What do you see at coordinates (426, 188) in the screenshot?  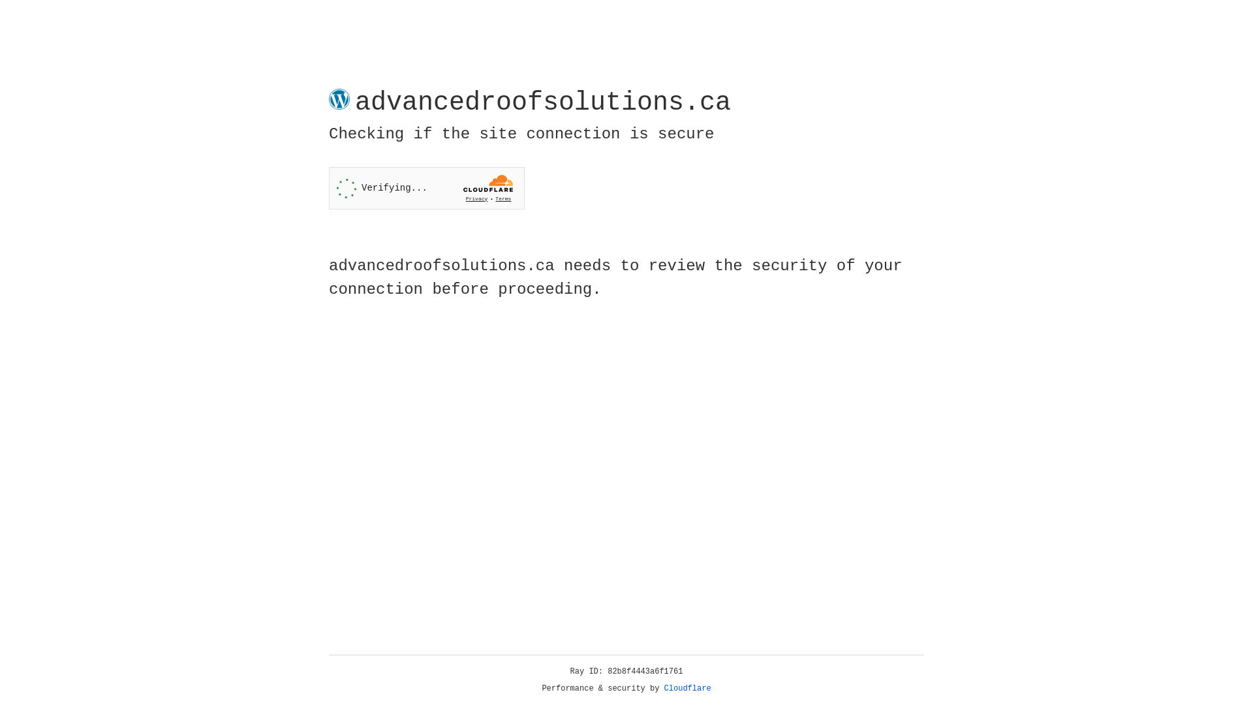 I see `'Widget containing a Cloudflare security challenge'` at bounding box center [426, 188].